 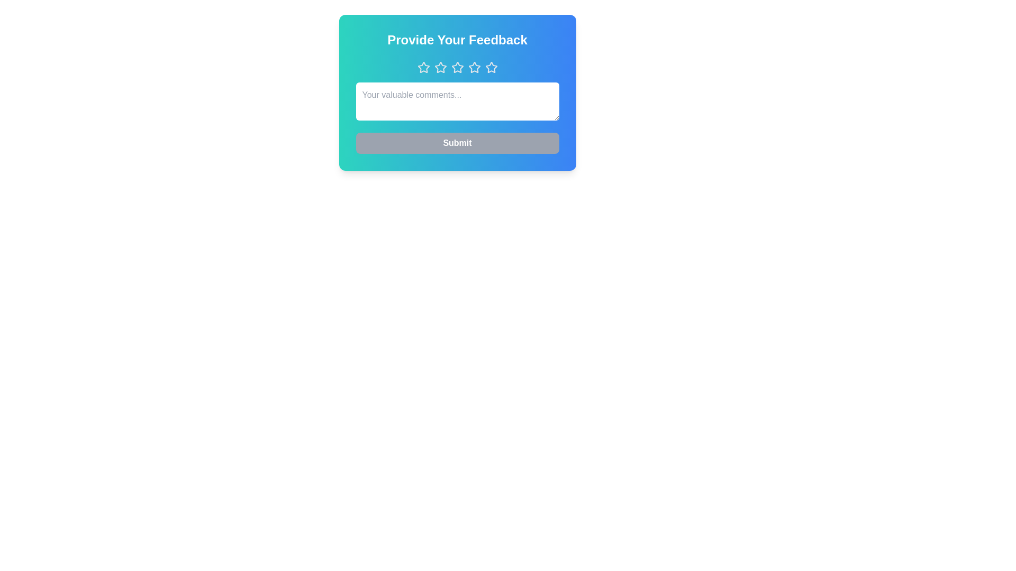 What do you see at coordinates (457, 143) in the screenshot?
I see `the submit button to submit the feedback` at bounding box center [457, 143].